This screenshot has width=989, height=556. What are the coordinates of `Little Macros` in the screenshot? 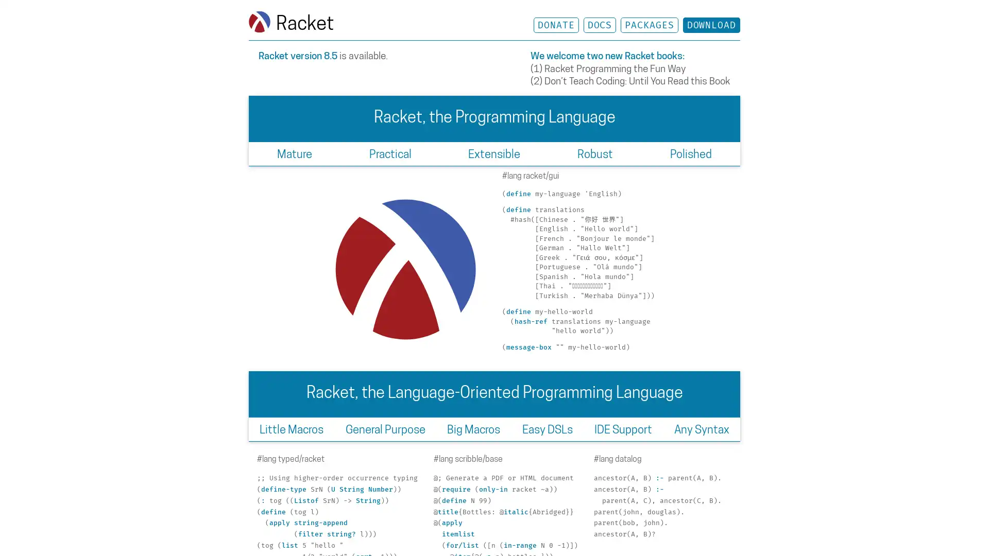 It's located at (291, 429).